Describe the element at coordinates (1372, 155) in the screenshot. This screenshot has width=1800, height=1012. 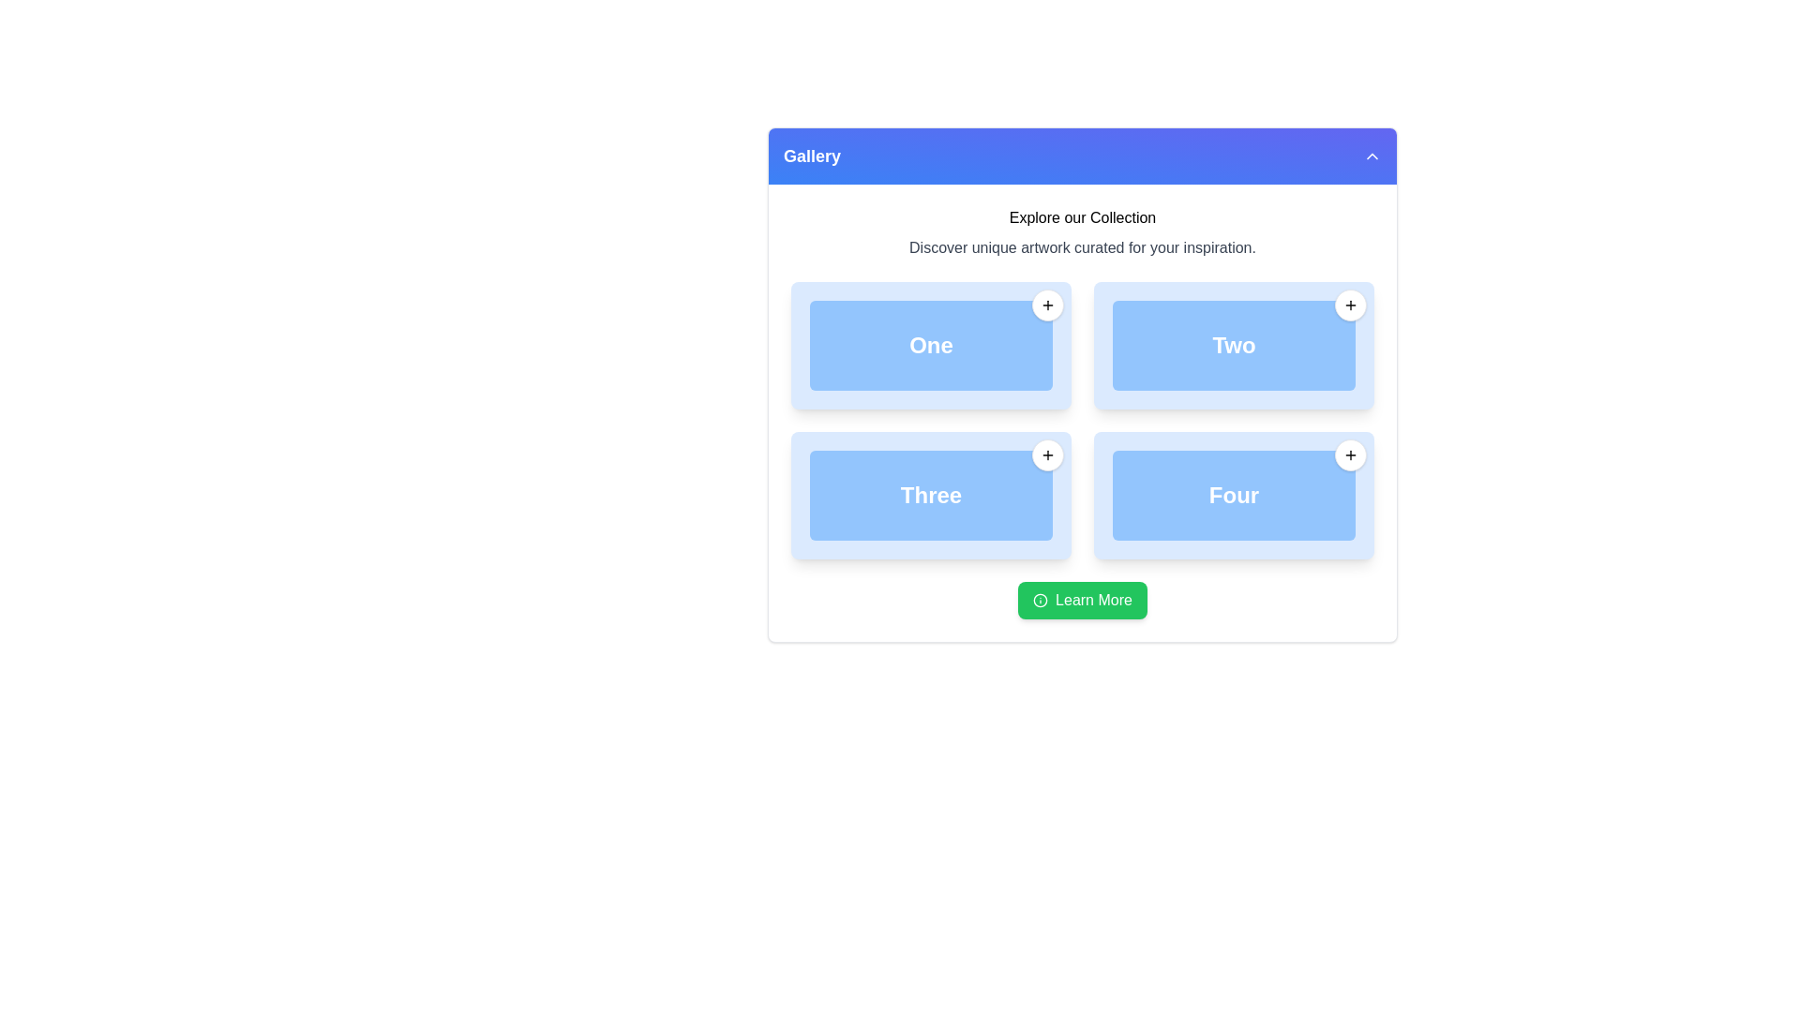
I see `the Chevron-Up icon located at the top right corner of the header bar` at that location.